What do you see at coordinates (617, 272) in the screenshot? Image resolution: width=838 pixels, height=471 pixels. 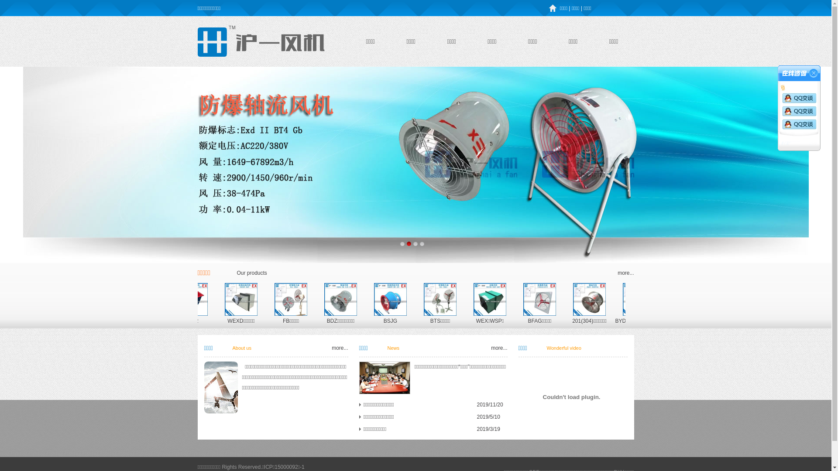 I see `'more...'` at bounding box center [617, 272].